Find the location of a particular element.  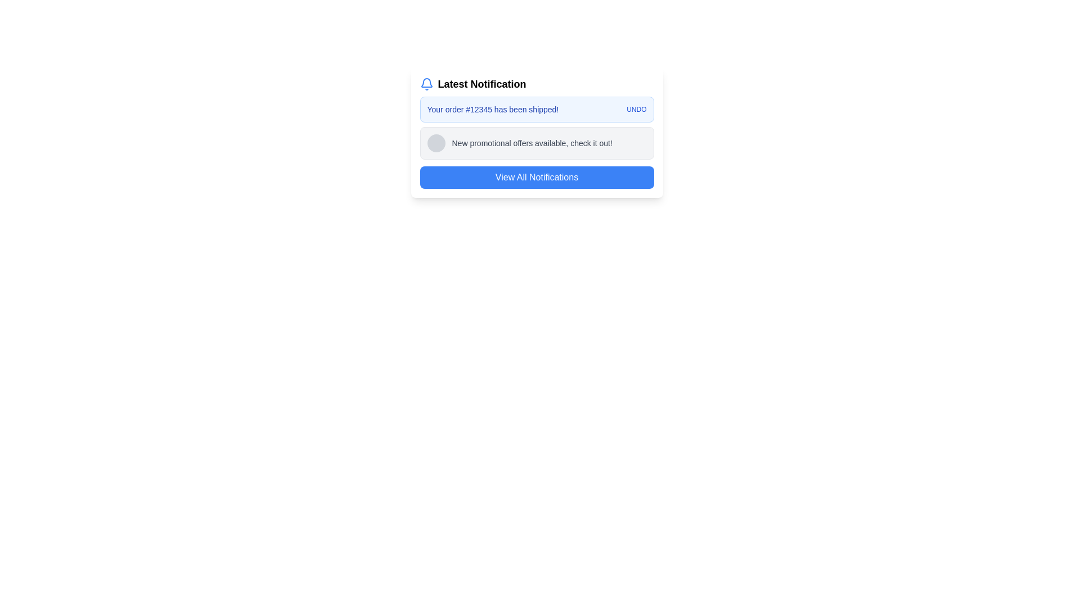

the third notification in the notification panel that informs users about new promotional offers, located between 'Your order #12345 has been shipped! UNDO' and 'View All Notifications' is located at coordinates (536, 142).